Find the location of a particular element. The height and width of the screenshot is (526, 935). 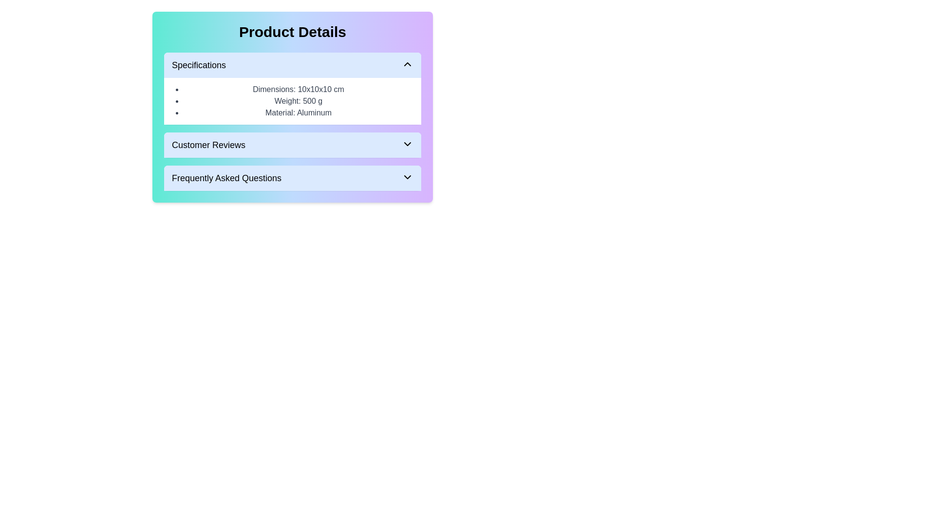

the downward-pointing chevron icon located at the far right within the 'Frequently Asked Questions' section header is located at coordinates (407, 177).